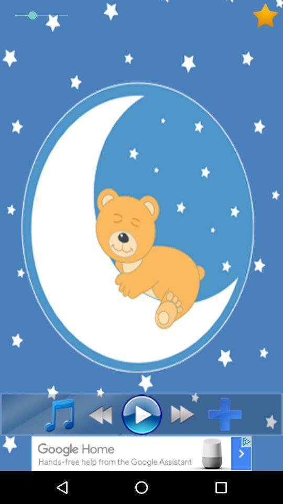  What do you see at coordinates (53, 414) in the screenshot?
I see `music button` at bounding box center [53, 414].